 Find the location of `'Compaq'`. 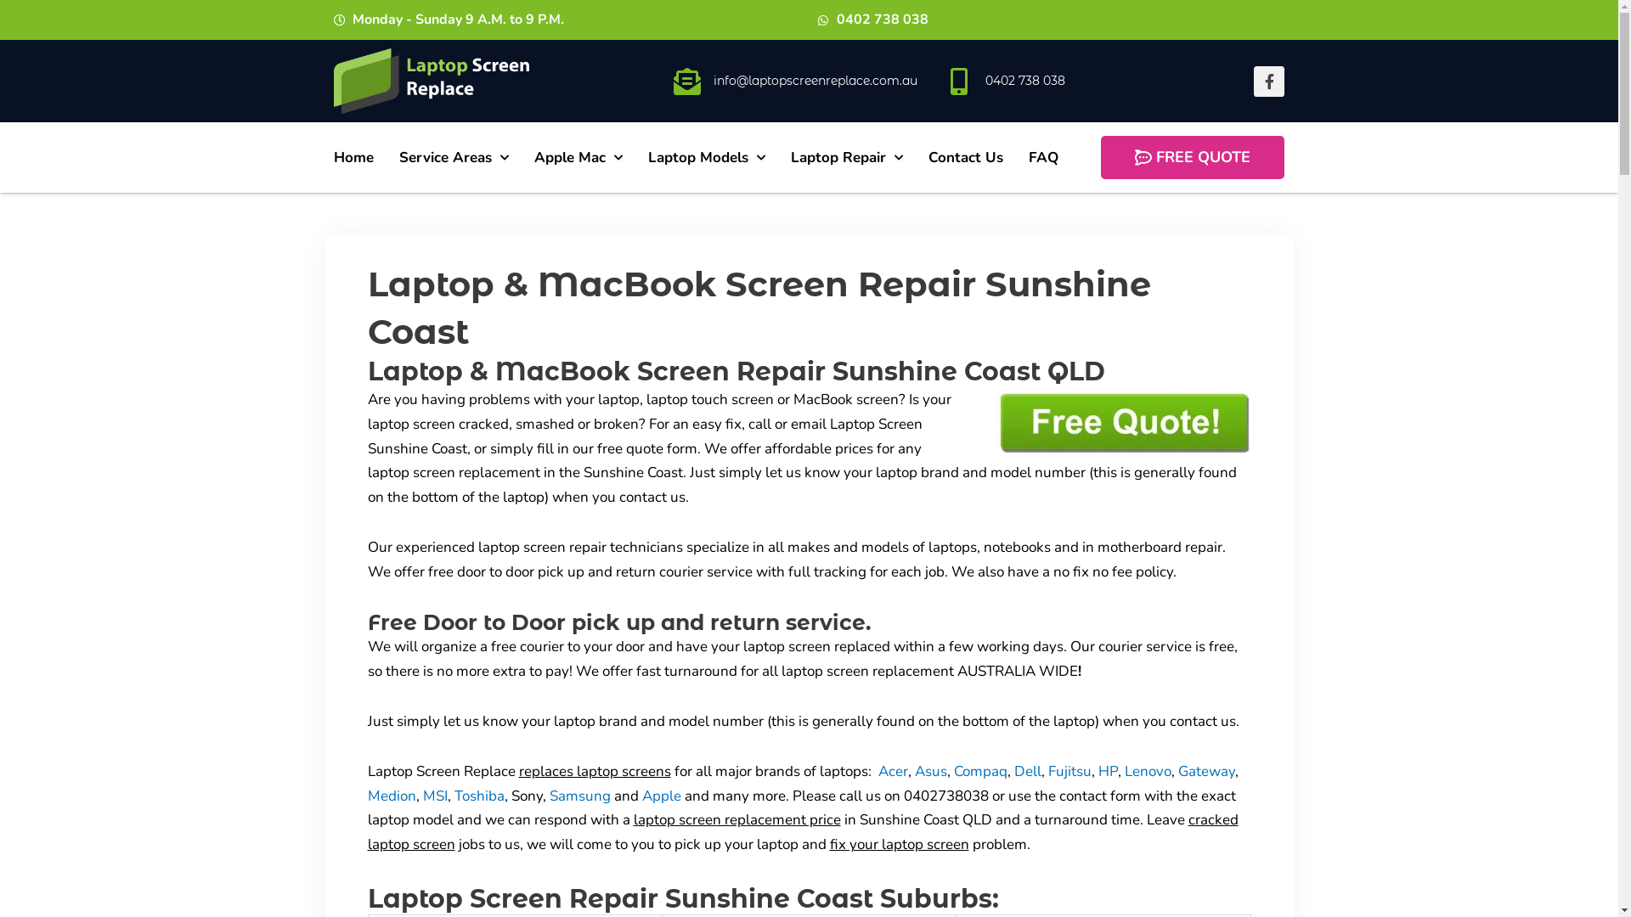

'Compaq' is located at coordinates (979, 771).